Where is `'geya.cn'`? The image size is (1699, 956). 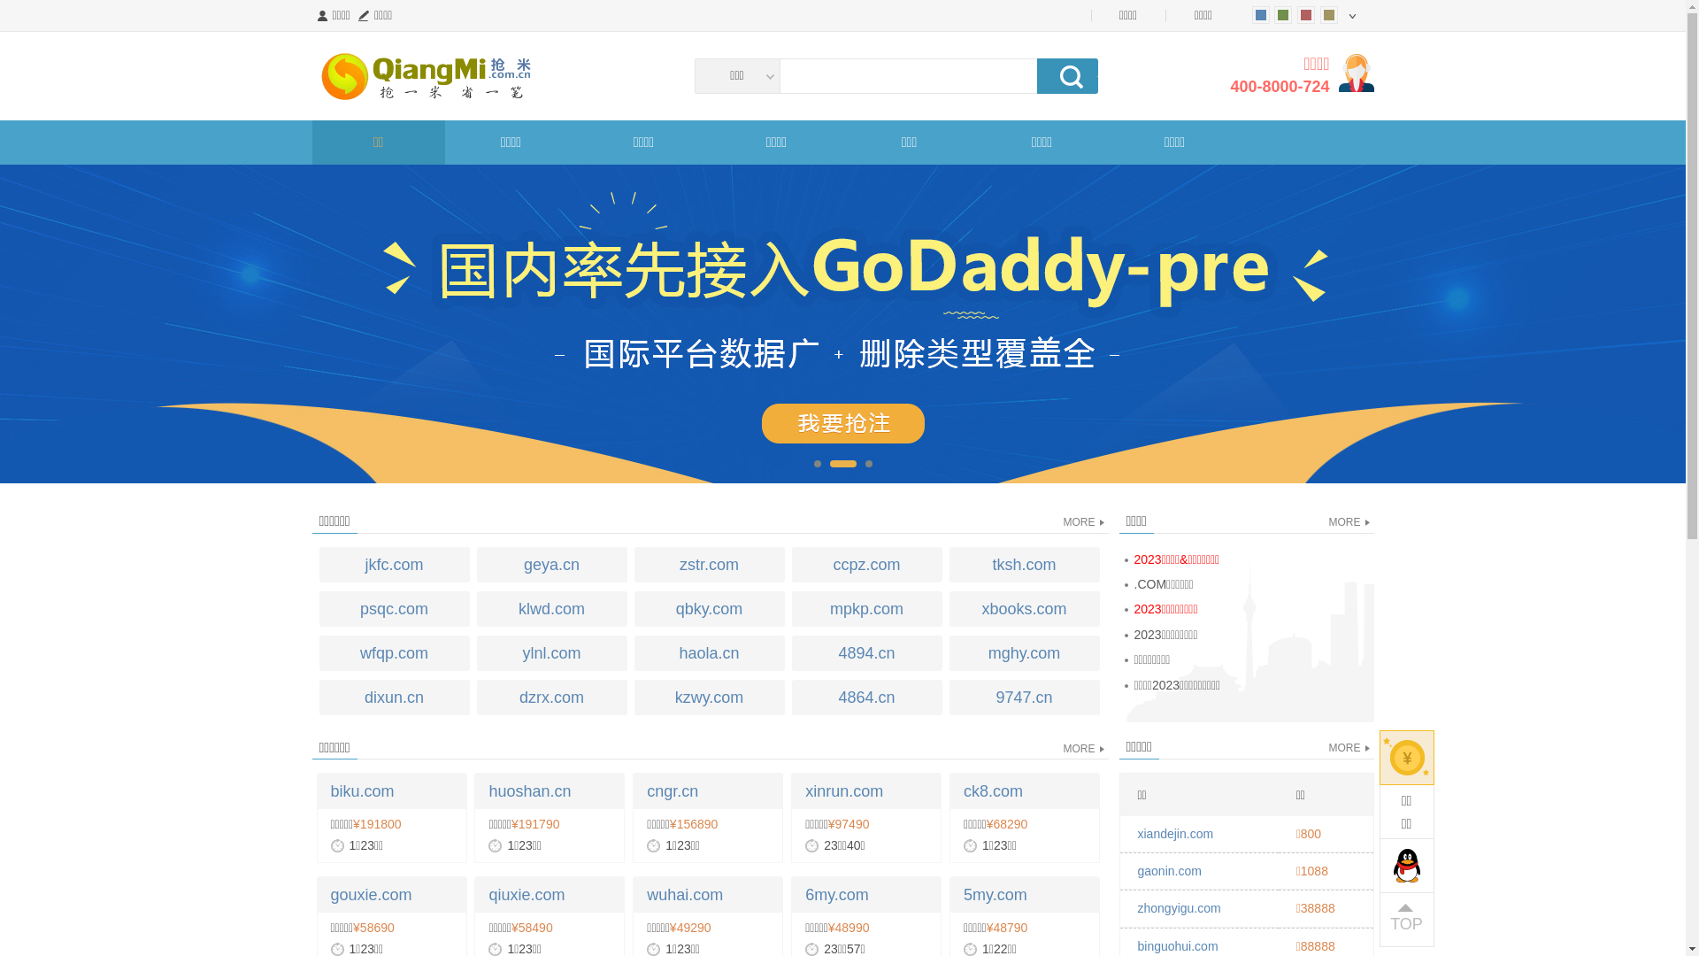
'geya.cn' is located at coordinates (550, 564).